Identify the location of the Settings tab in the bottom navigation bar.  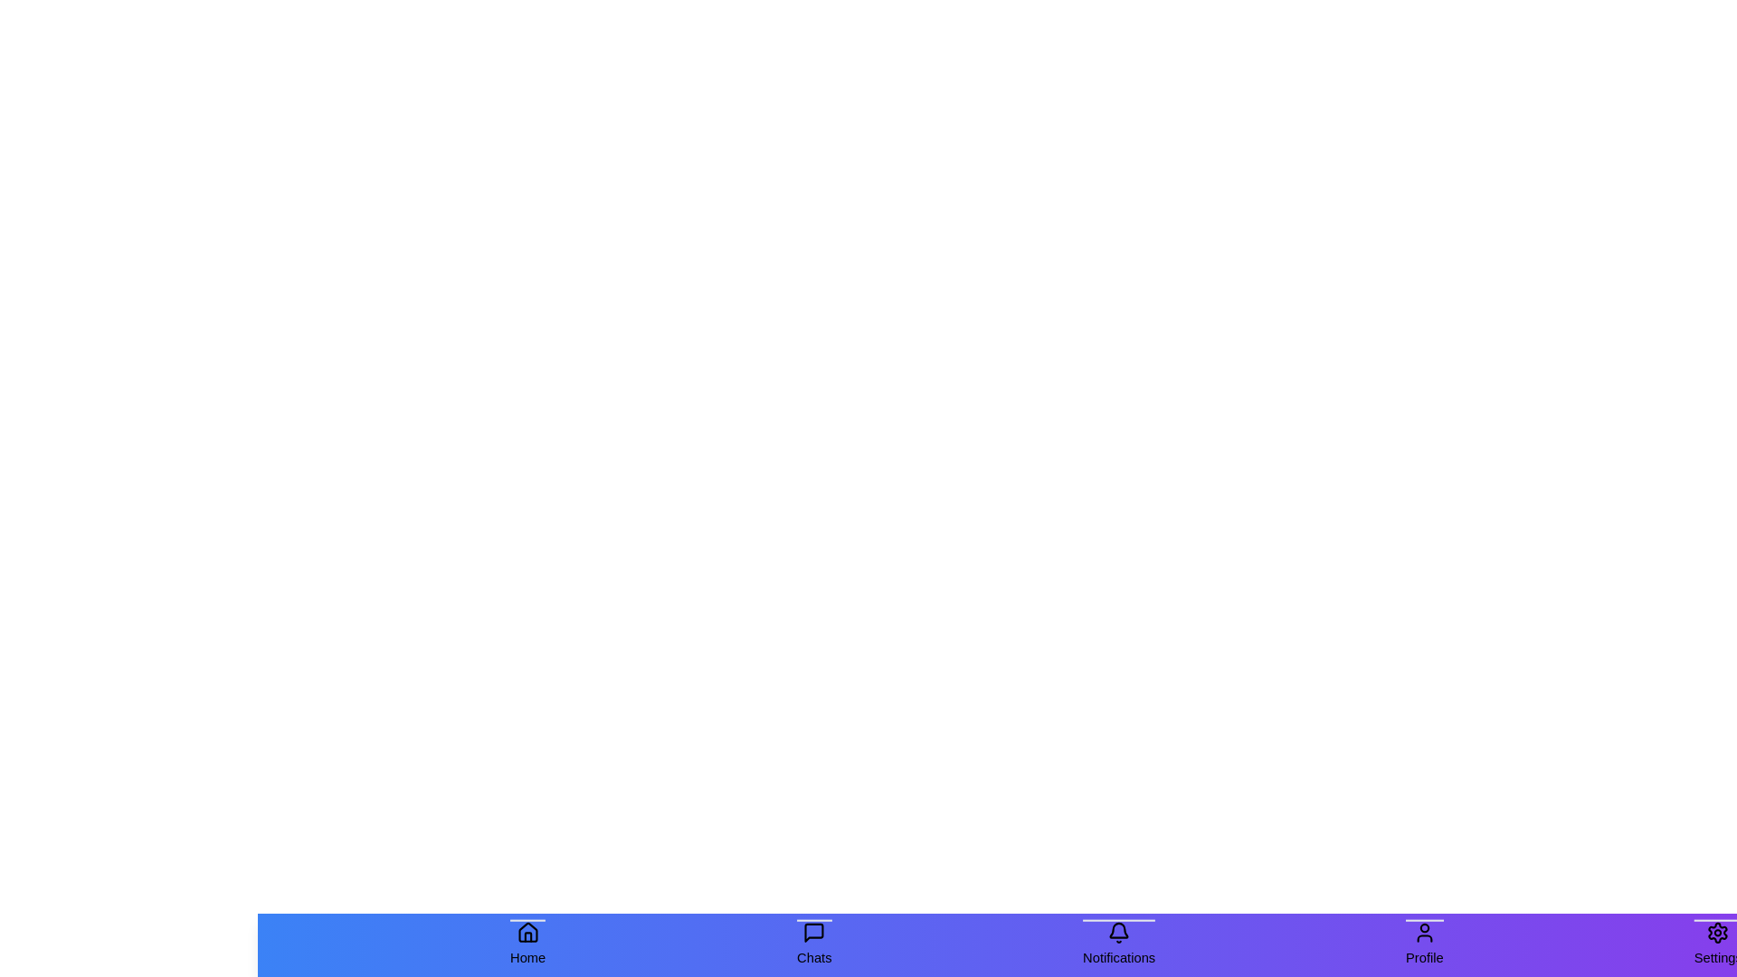
(1717, 944).